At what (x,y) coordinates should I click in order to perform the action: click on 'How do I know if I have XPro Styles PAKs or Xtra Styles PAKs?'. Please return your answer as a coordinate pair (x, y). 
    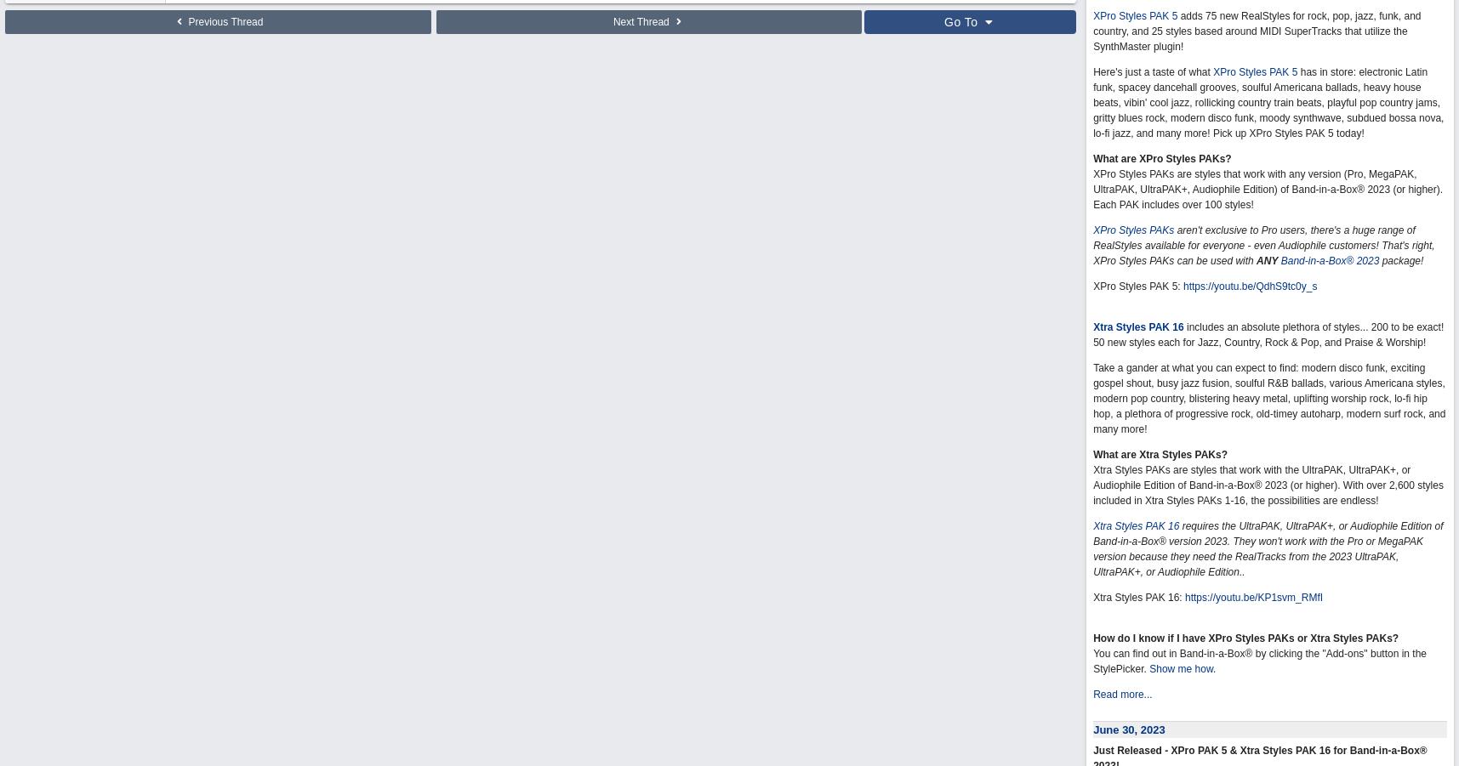
    Looking at the image, I should click on (1245, 636).